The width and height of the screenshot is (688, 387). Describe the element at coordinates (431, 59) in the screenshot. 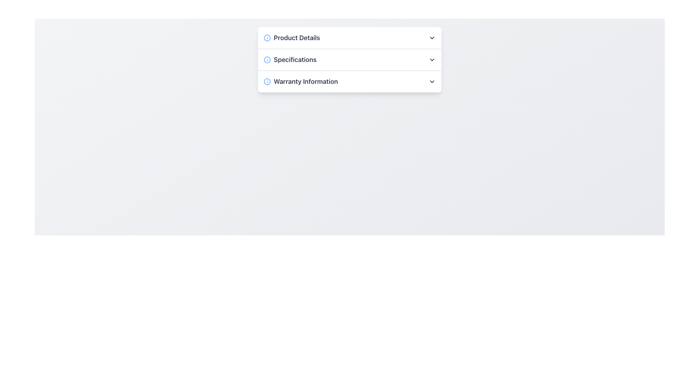

I see `the chevron-down icon next to the 'Specifications' text` at that location.